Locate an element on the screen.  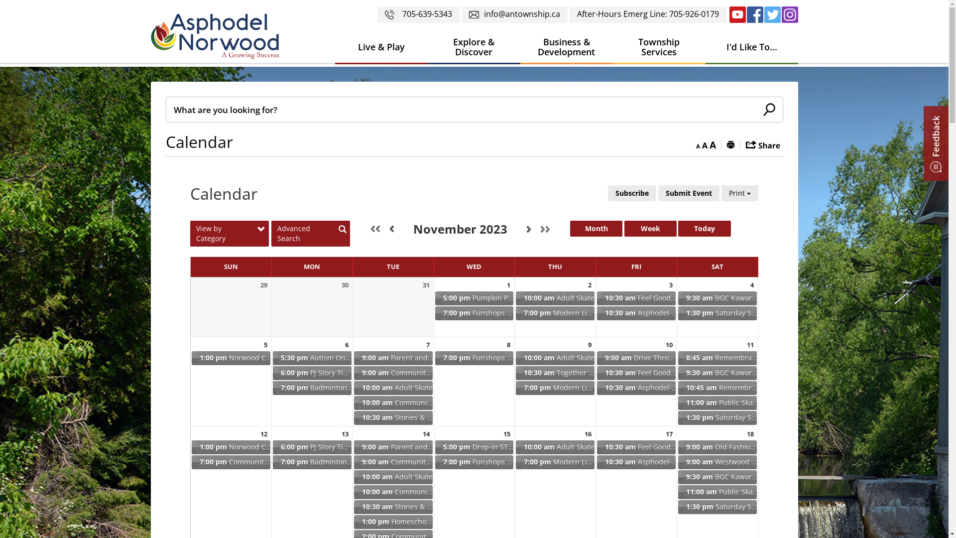
'Click to return to the homepage' is located at coordinates (214, 36).